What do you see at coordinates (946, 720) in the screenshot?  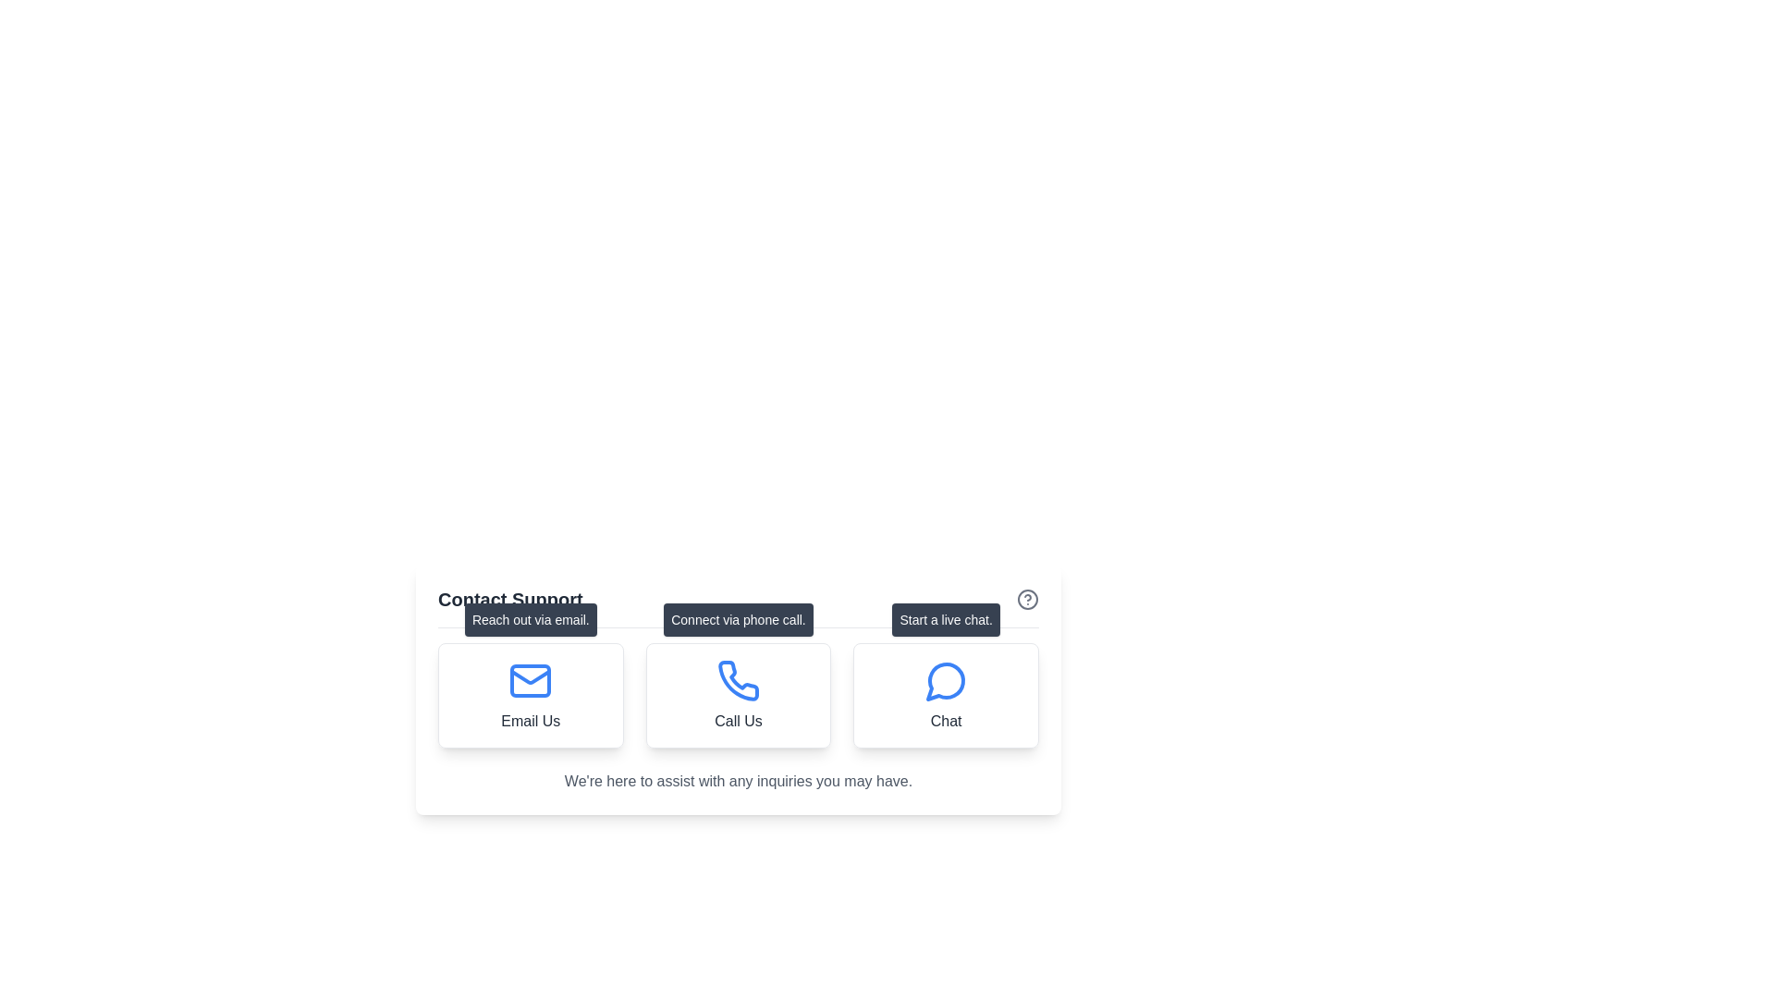 I see `the 'Chat' text label which indicates the purpose of the live chat initiation feature, located under the blue chat bubble icon in the rightmost panel` at bounding box center [946, 720].